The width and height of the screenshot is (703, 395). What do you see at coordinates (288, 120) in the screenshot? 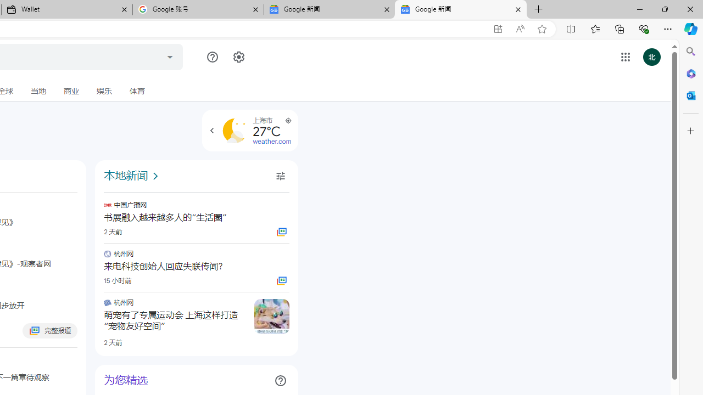
I see `'Class: zRMMZb NMm5M'` at bounding box center [288, 120].